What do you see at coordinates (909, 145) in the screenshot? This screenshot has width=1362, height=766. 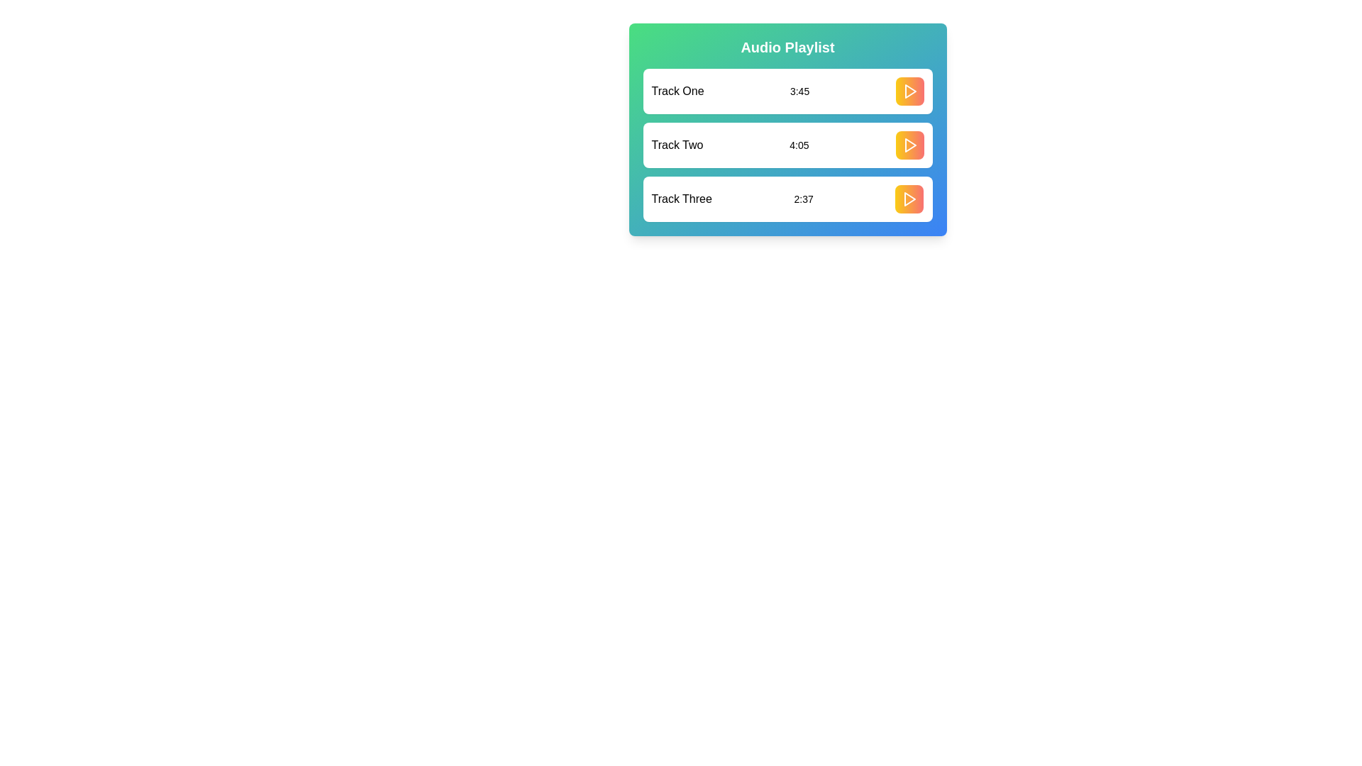 I see `the play button icon, which is a triangular shape within a gradient-filled circular button, located in the second track entry of the tracklist` at bounding box center [909, 145].